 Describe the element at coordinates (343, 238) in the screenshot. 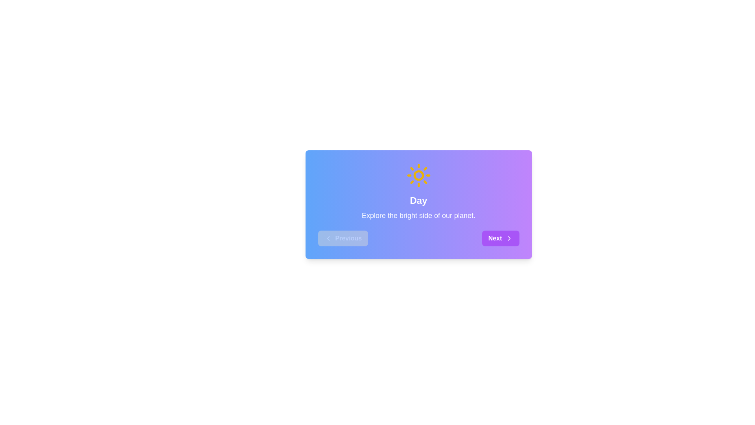

I see `the navigation button located on the left side of the button group, which precedes the 'Next' button` at that location.